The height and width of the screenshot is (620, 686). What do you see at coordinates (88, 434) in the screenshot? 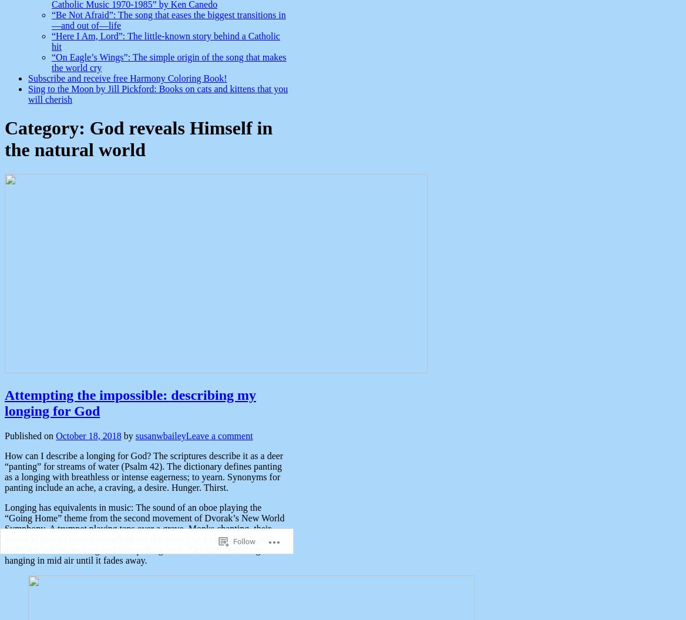
I see `'October 18, 2018'` at bounding box center [88, 434].